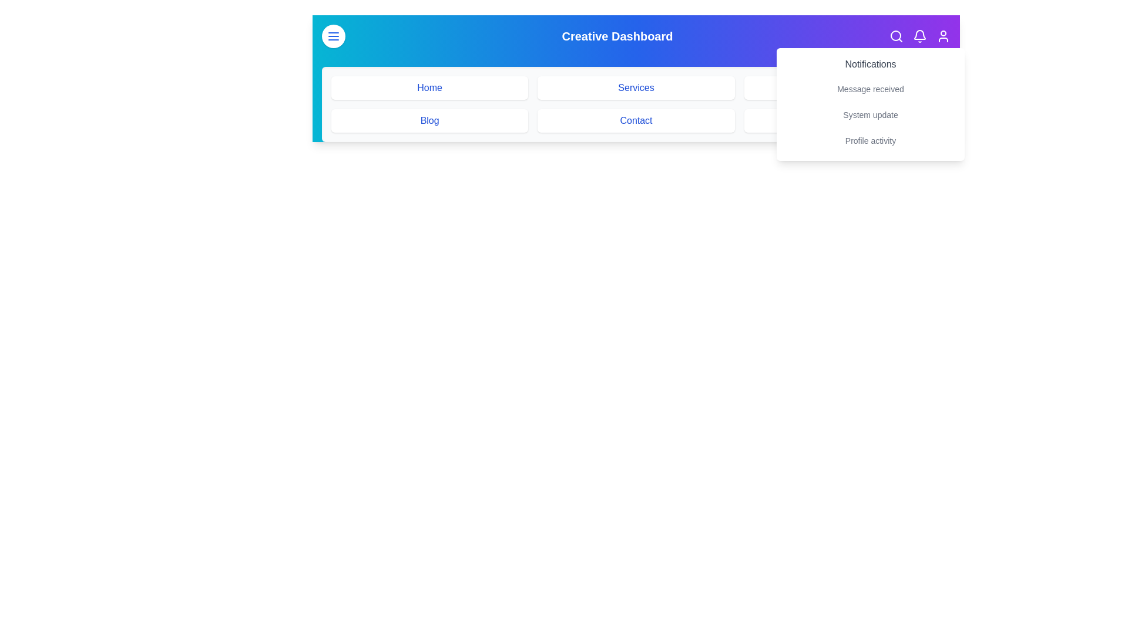 The image size is (1128, 634). Describe the element at coordinates (636, 87) in the screenshot. I see `the menu item labeled Services to navigate to the corresponding section` at that location.